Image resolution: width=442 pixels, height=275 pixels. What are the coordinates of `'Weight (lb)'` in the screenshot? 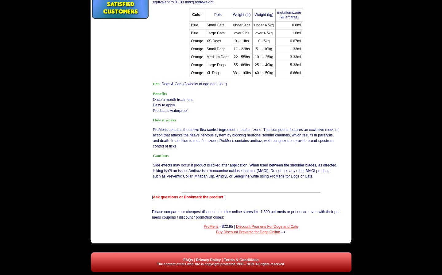 It's located at (241, 14).